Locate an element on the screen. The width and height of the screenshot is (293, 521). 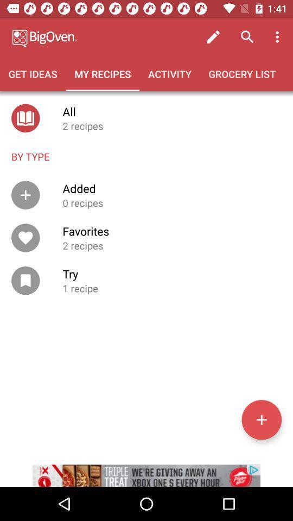
pop-up advertisement is located at coordinates (146, 468).